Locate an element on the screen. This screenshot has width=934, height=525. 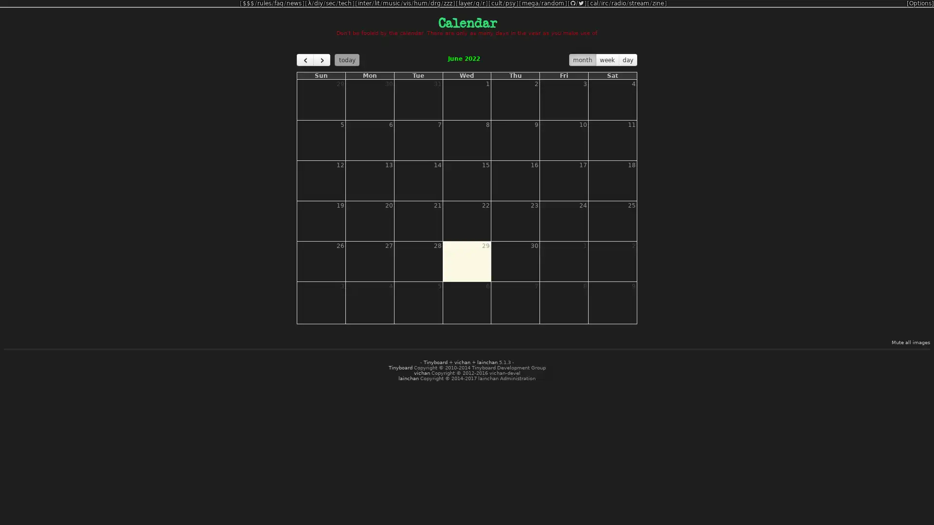
week is located at coordinates (607, 60).